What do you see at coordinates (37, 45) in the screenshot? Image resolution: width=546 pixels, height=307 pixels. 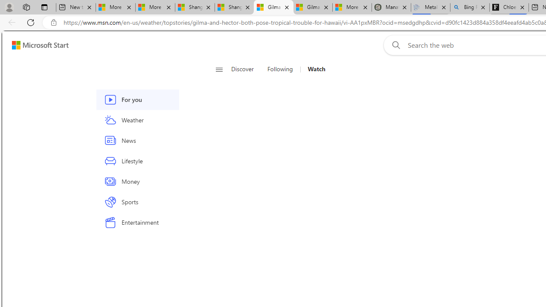 I see `'Skip to content'` at bounding box center [37, 45].